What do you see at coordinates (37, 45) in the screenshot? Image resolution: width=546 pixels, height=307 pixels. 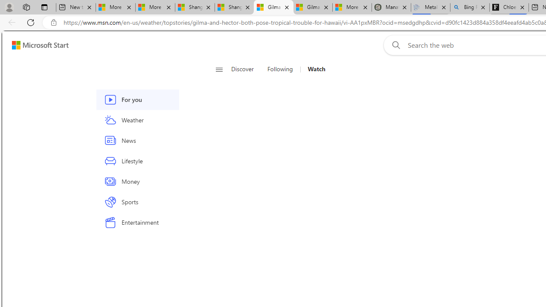 I see `'Skip to content'` at bounding box center [37, 45].